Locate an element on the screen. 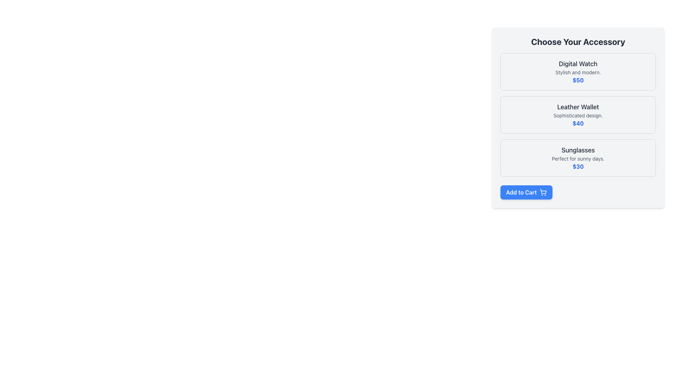 The height and width of the screenshot is (382, 680). the Informational Card displaying product details, which is the third option in the vertical list of accessory options is located at coordinates (578, 158).